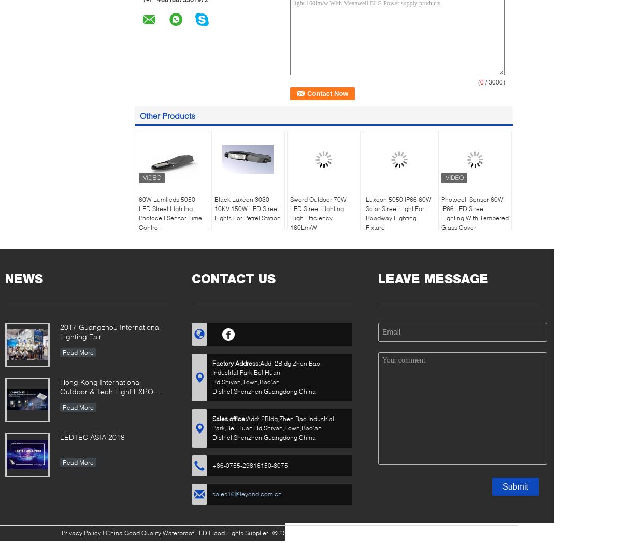  I want to click on 'LEAVE MESSAGE', so click(433, 278).